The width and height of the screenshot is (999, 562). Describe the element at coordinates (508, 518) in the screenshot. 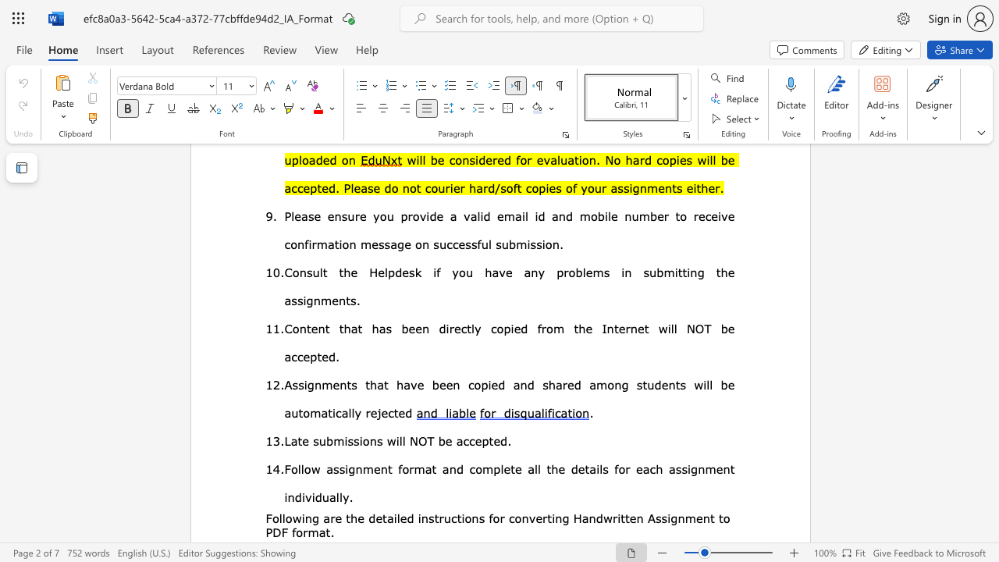

I see `the subset text "conve" within the text "converting"` at that location.